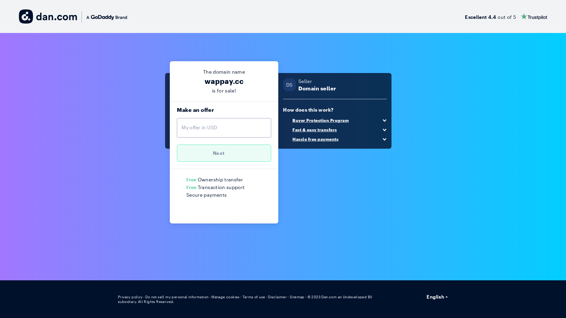 The image size is (566, 318). I want to click on 'Sitemap', so click(282, 297).